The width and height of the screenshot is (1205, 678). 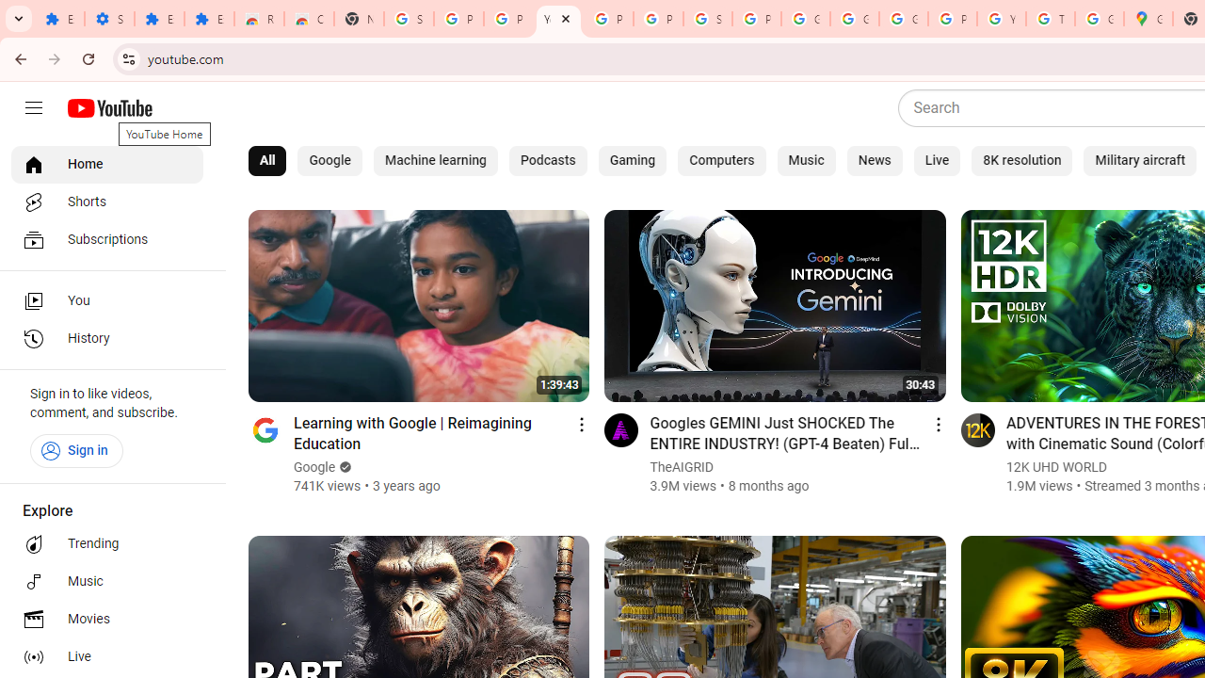 I want to click on 'Subscriptions', so click(x=105, y=238).